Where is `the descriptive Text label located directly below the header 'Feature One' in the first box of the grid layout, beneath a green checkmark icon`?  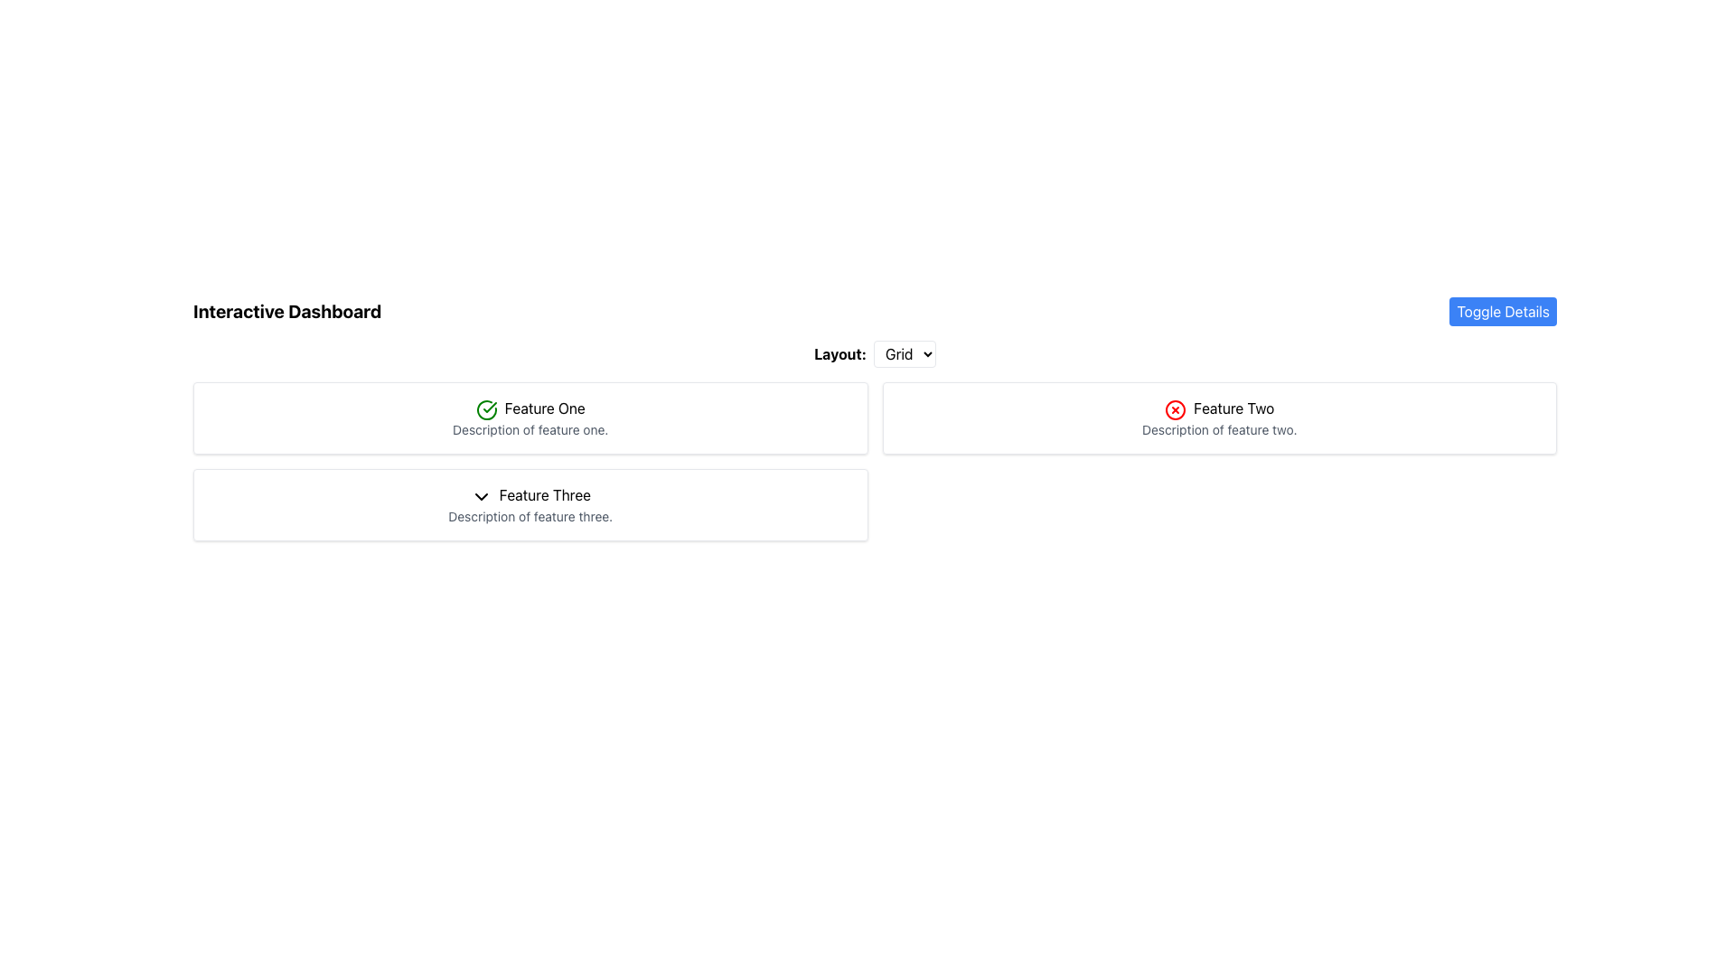 the descriptive Text label located directly below the header 'Feature One' in the first box of the grid layout, beneath a green checkmark icon is located at coordinates (530, 429).